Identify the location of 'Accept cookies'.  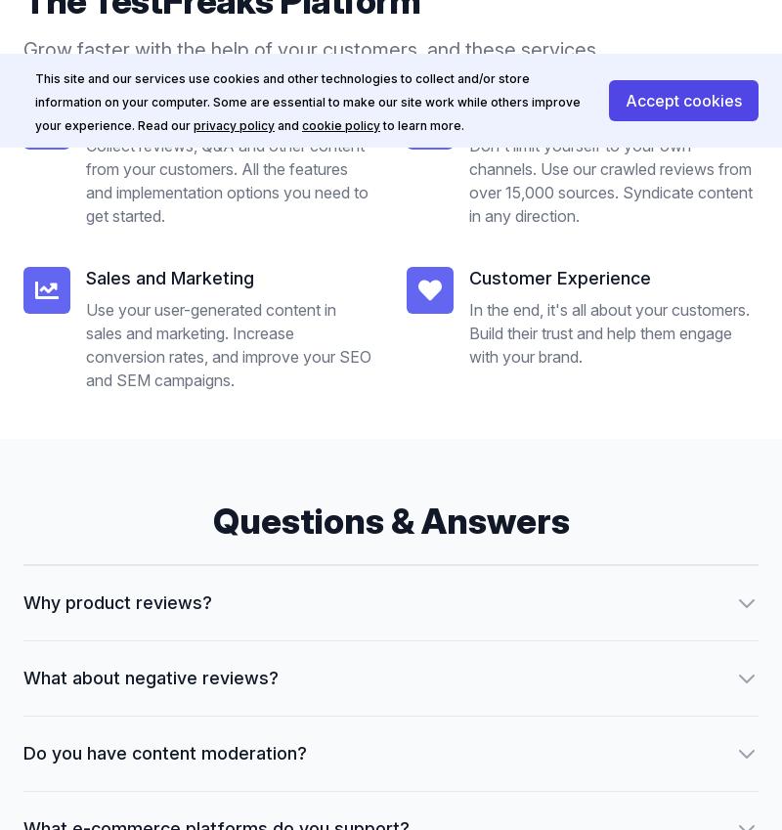
(683, 99).